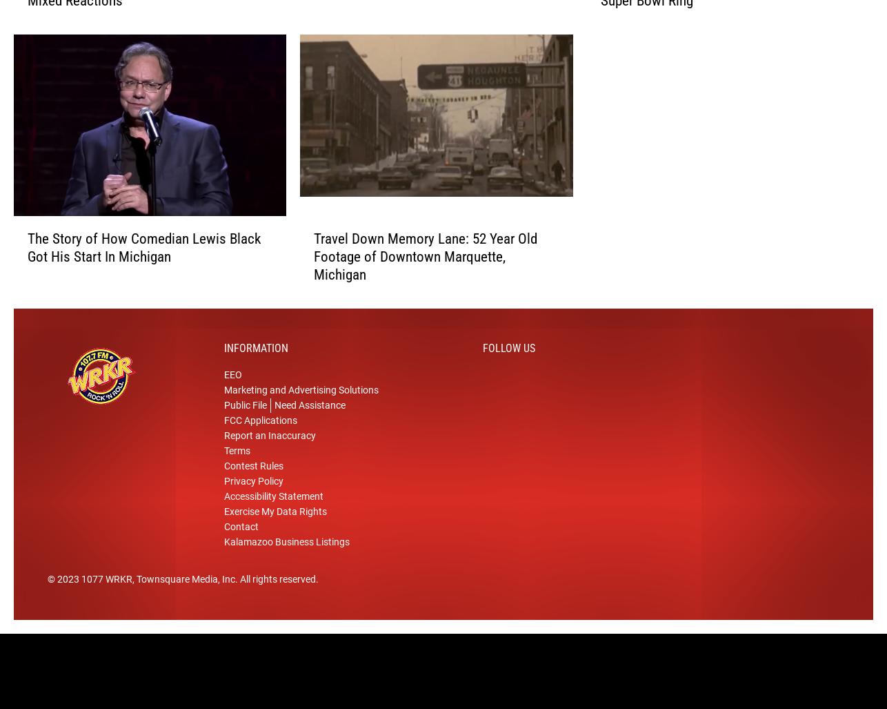  I want to click on 'Contest Rules', so click(253, 481).